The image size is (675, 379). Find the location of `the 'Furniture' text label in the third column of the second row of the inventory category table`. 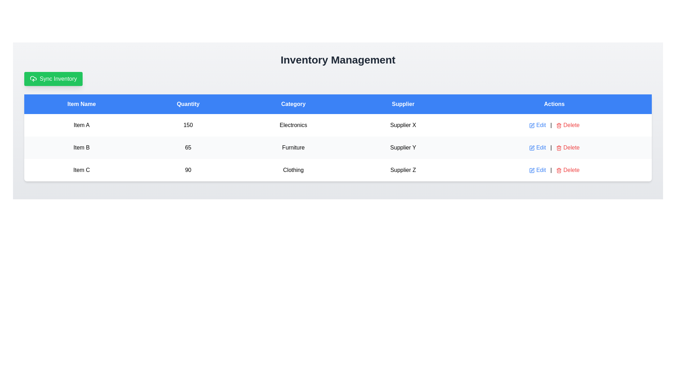

the 'Furniture' text label in the third column of the second row of the inventory category table is located at coordinates (293, 147).